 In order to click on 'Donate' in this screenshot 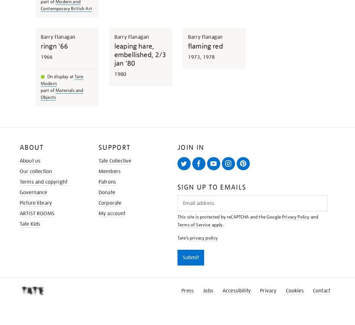, I will do `click(99, 192)`.